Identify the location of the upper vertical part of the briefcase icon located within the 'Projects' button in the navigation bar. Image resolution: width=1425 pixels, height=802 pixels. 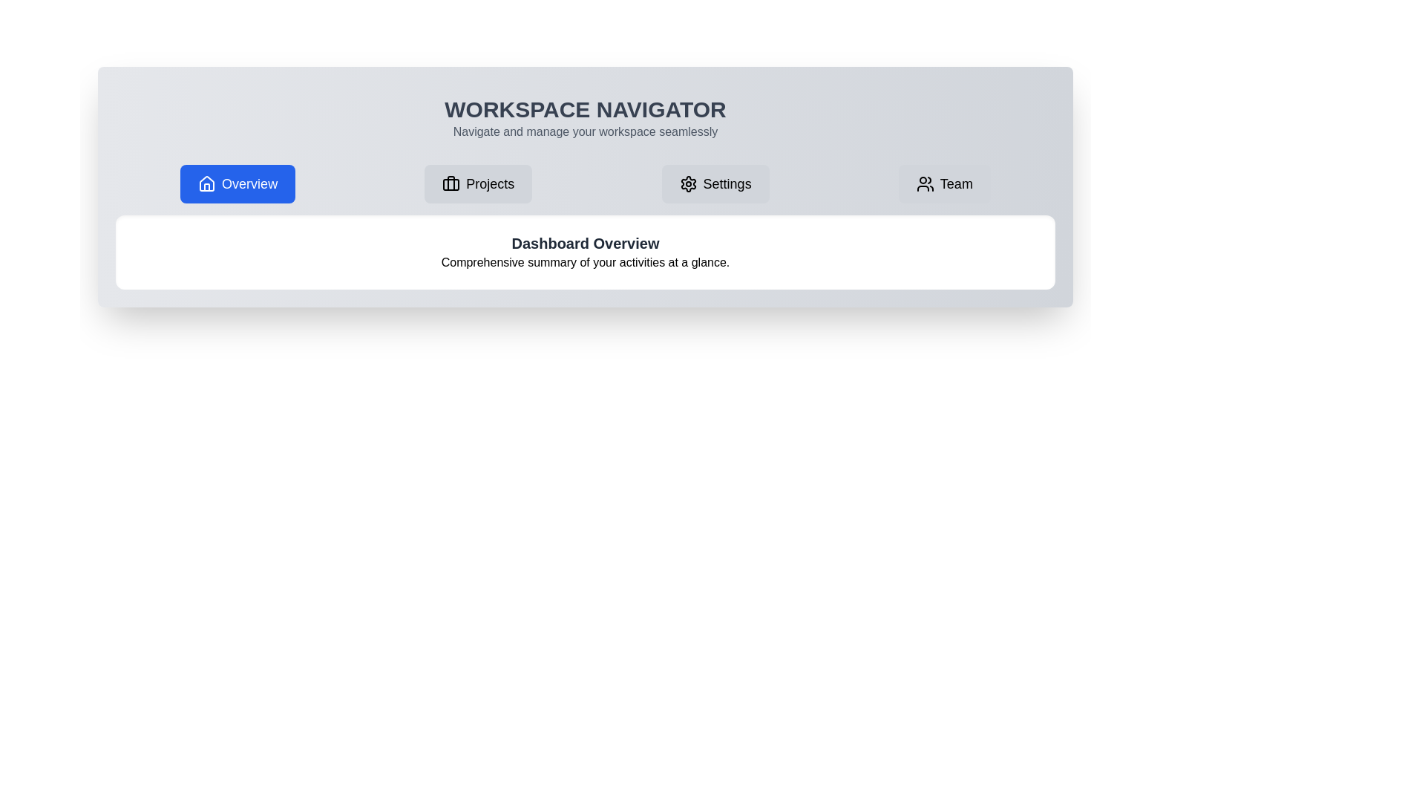
(451, 182).